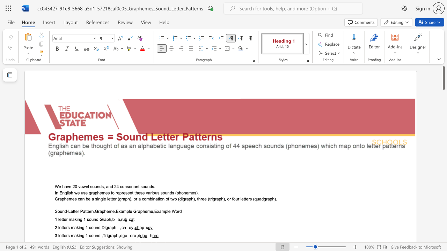 The image size is (447, 251). What do you see at coordinates (443, 208) in the screenshot?
I see `the right-hand scrollbar to descend the page` at bounding box center [443, 208].